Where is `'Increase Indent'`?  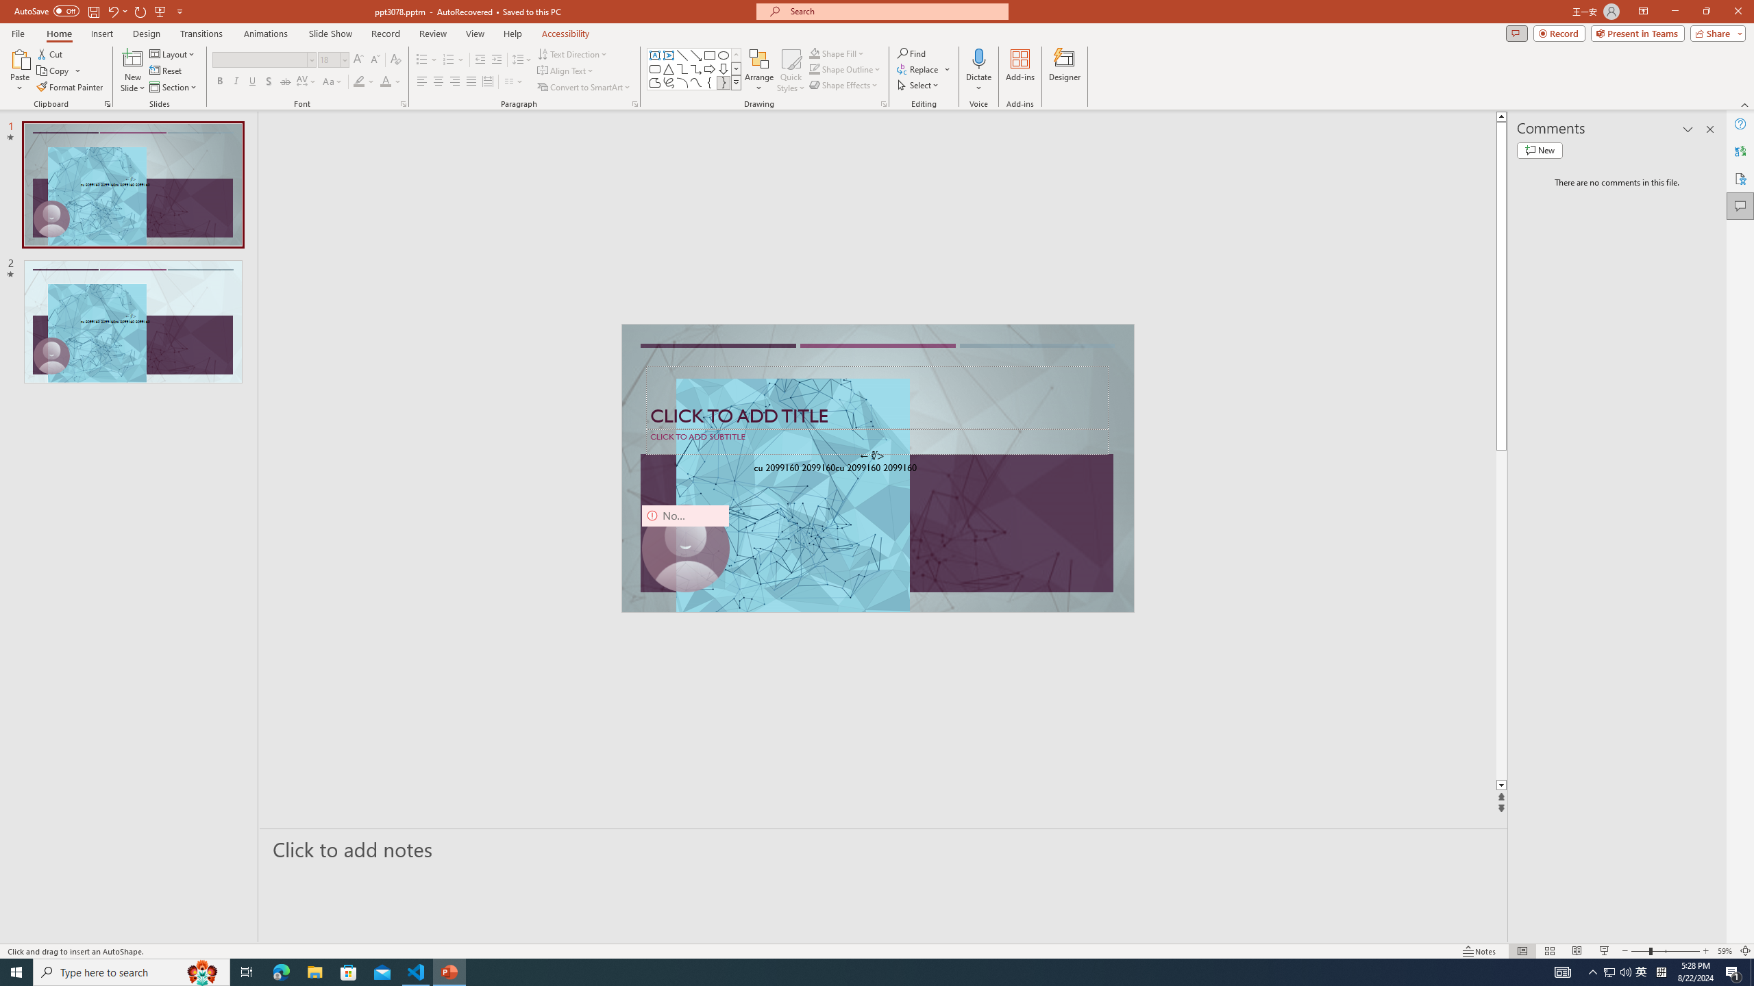 'Increase Indent' is located at coordinates (497, 60).